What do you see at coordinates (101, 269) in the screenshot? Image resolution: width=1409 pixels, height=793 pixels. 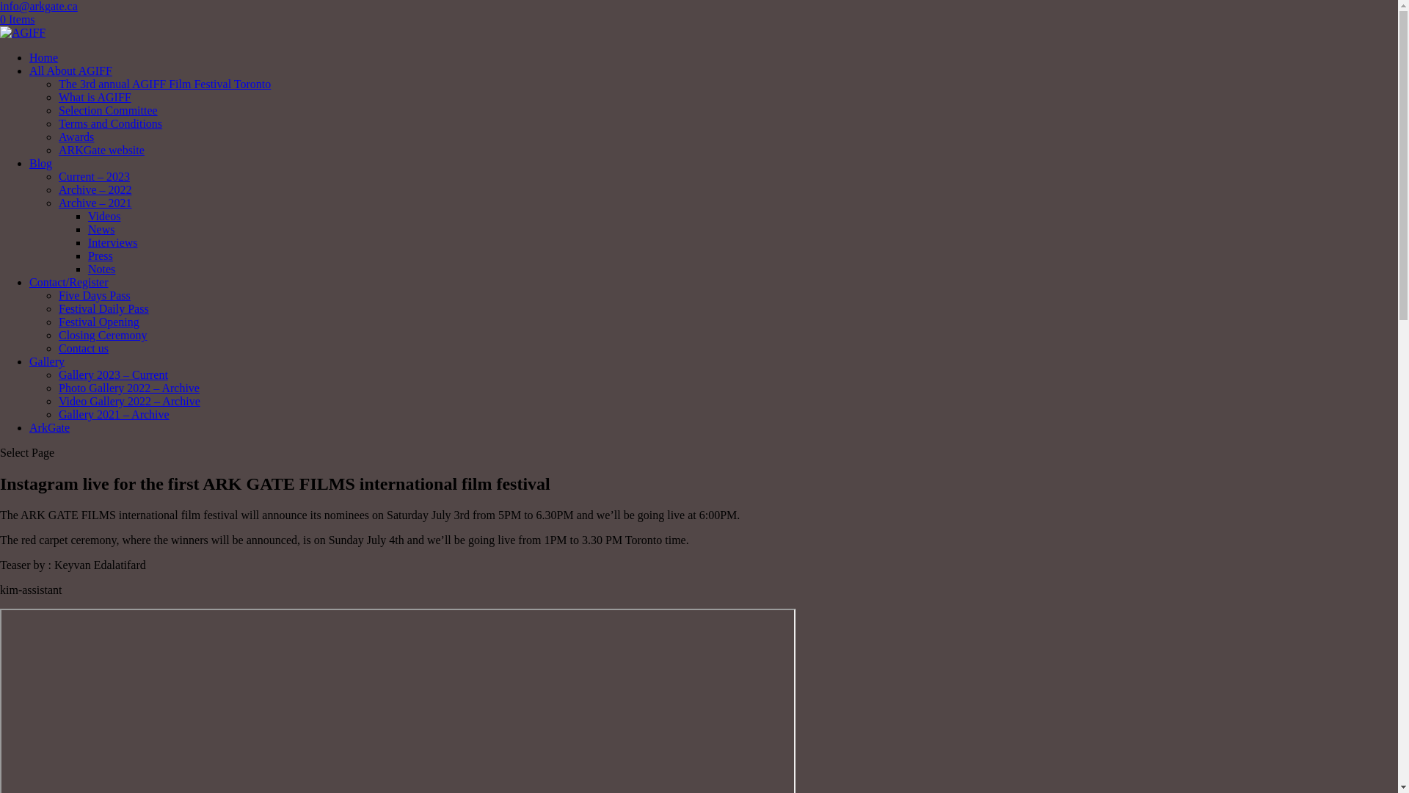 I see `'Notes'` at bounding box center [101, 269].